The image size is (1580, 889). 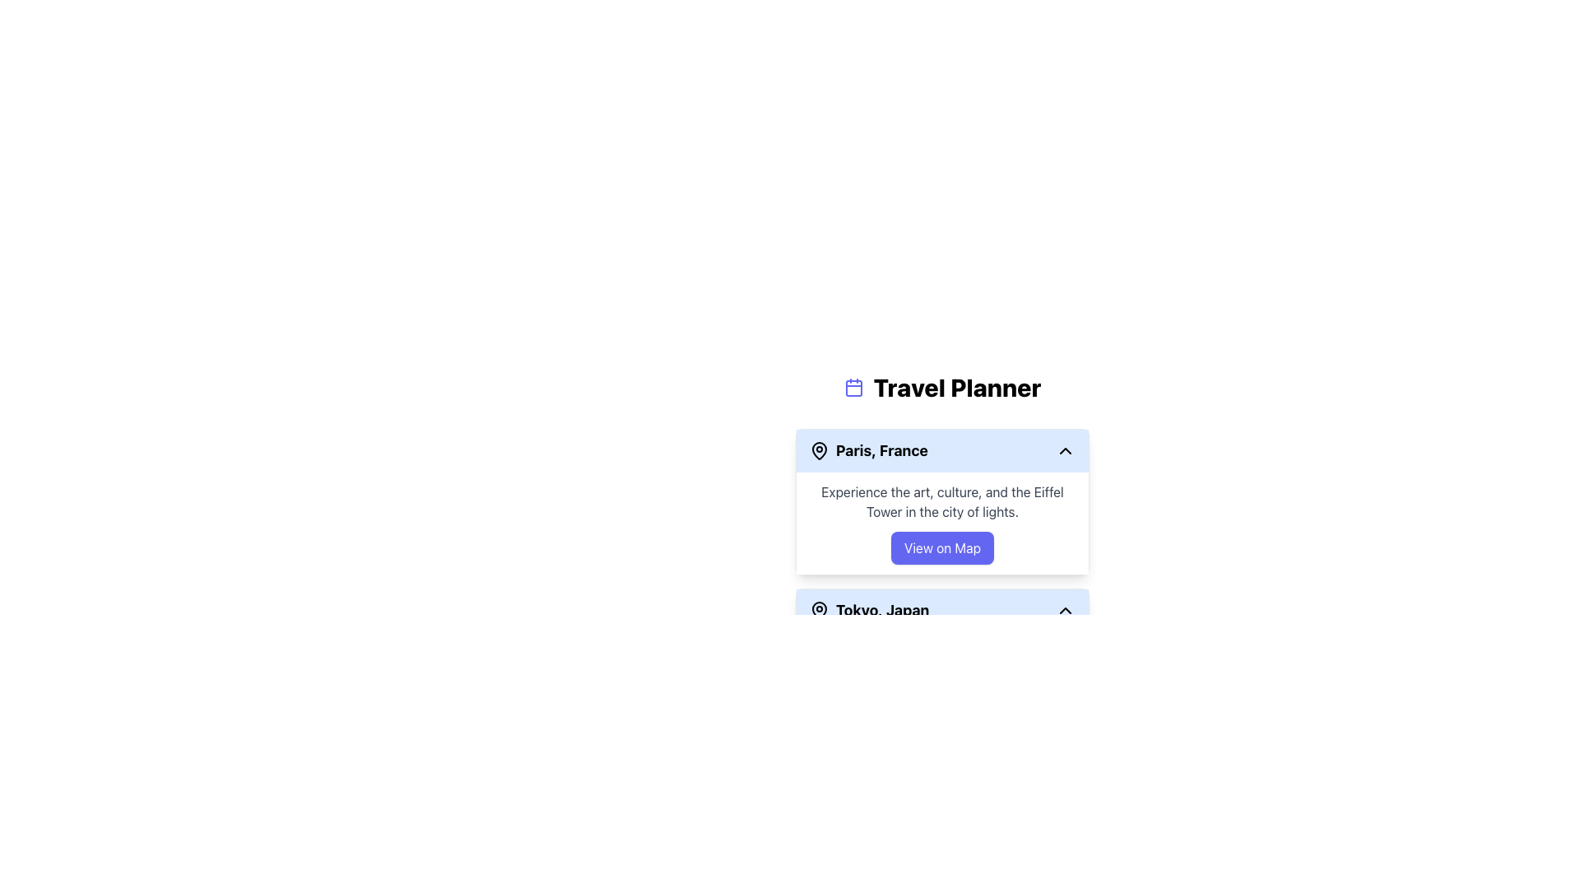 What do you see at coordinates (853, 387) in the screenshot?
I see `the calendar icon with a purple outline, which is positioned to the left of the 'Travel Planner' text in the header group` at bounding box center [853, 387].